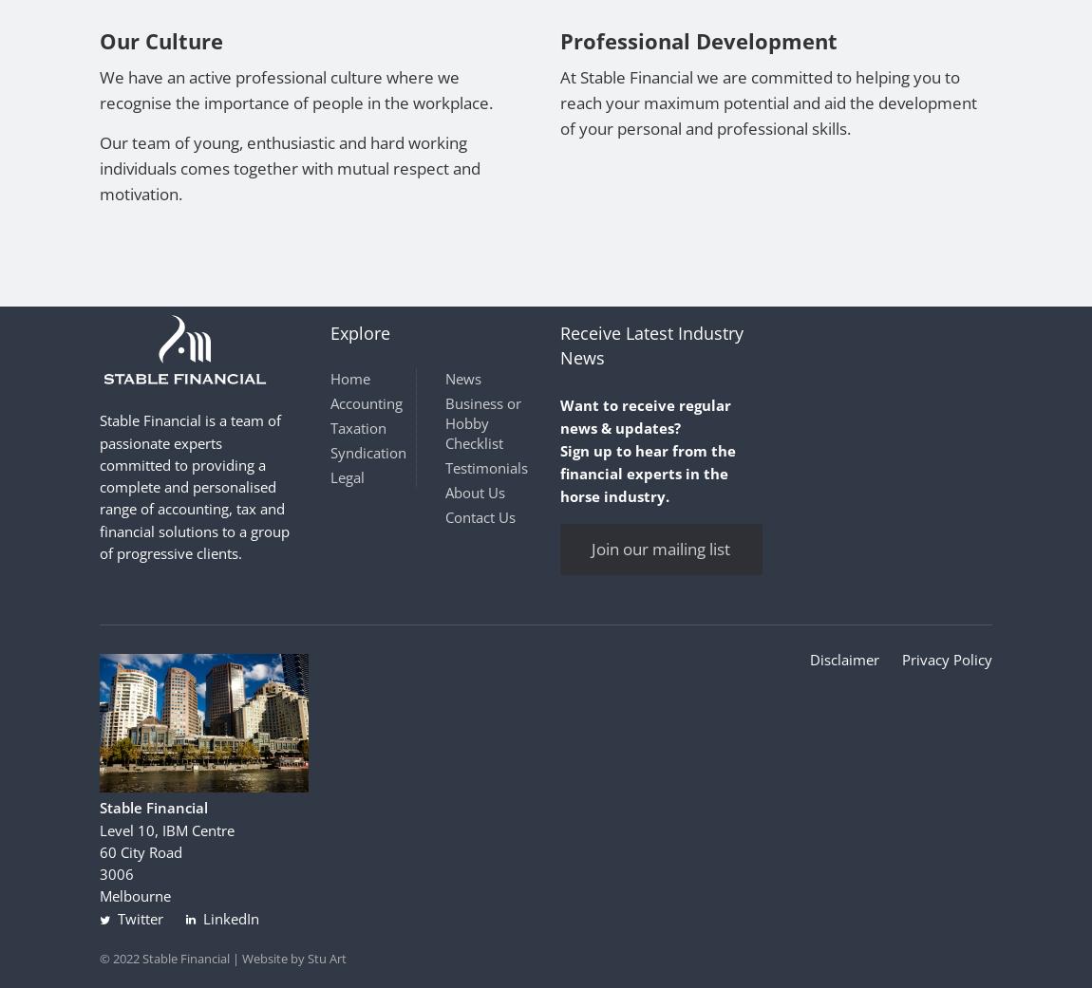  I want to click on 'Professional Development', so click(698, 39).